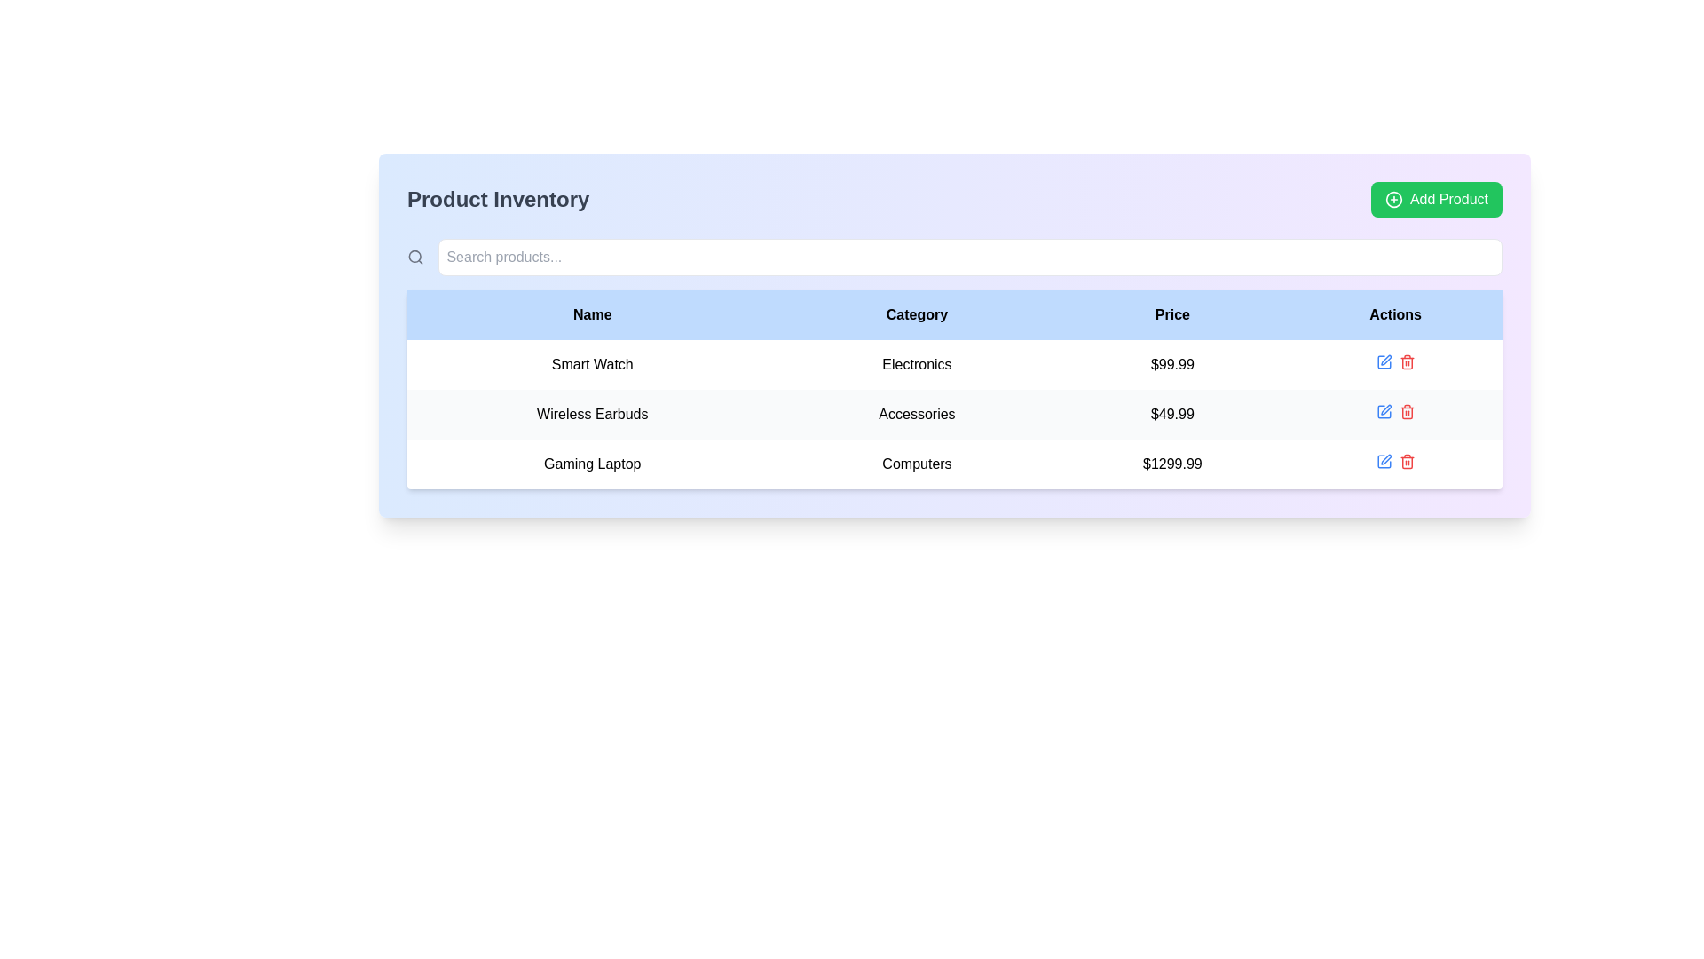  What do you see at coordinates (592, 364) in the screenshot?
I see `the 'Smart Watch' label in the 'Name' column of the first row in the 'Product Inventory' table` at bounding box center [592, 364].